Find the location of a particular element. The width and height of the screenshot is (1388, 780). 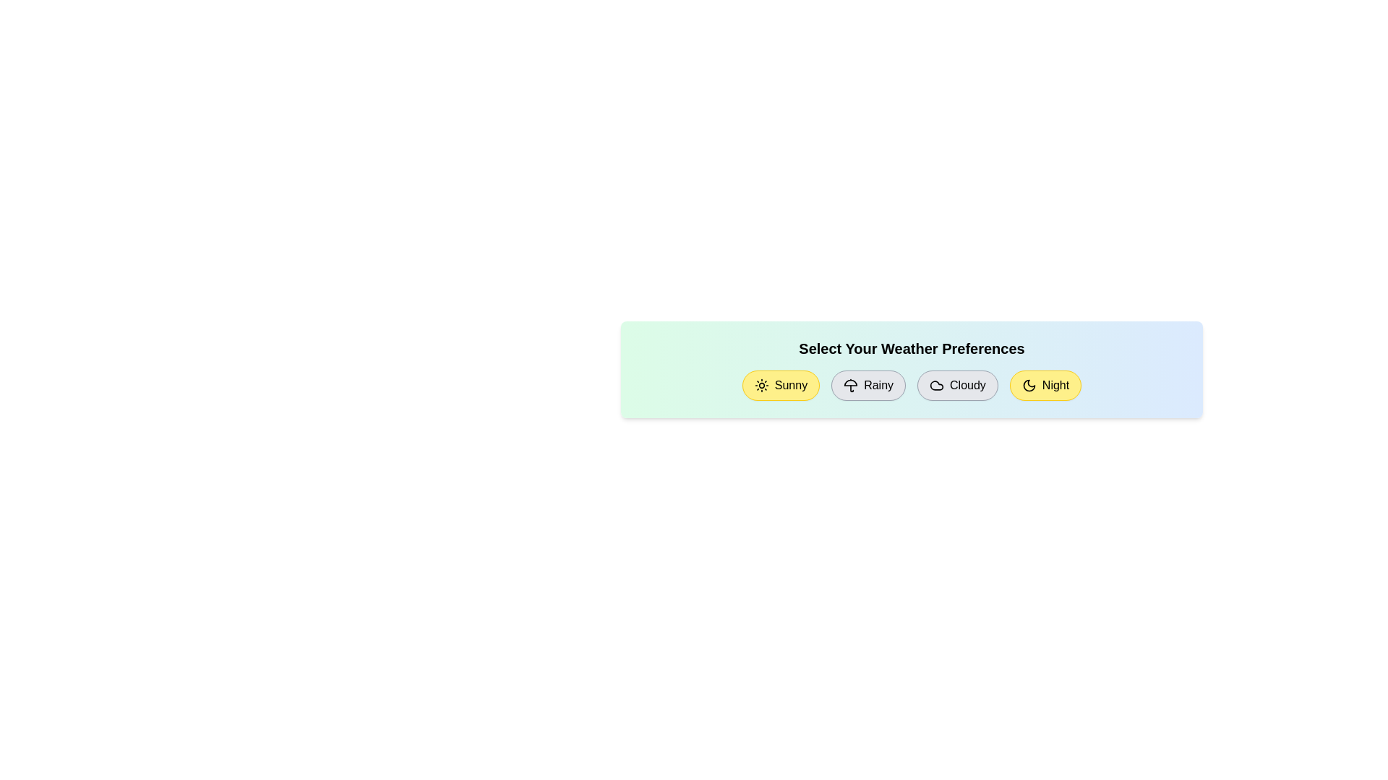

the weather chip corresponding to Rainy is located at coordinates (867, 384).